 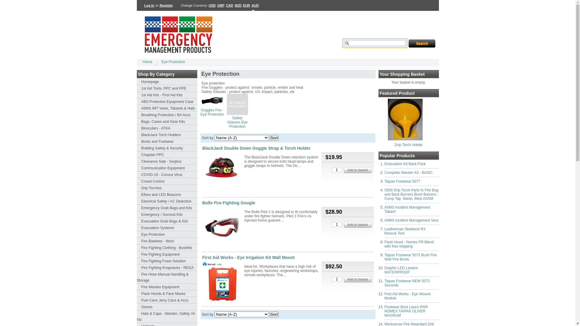 I want to click on 'Clearance Sale - Surplus', so click(x=136, y=161).